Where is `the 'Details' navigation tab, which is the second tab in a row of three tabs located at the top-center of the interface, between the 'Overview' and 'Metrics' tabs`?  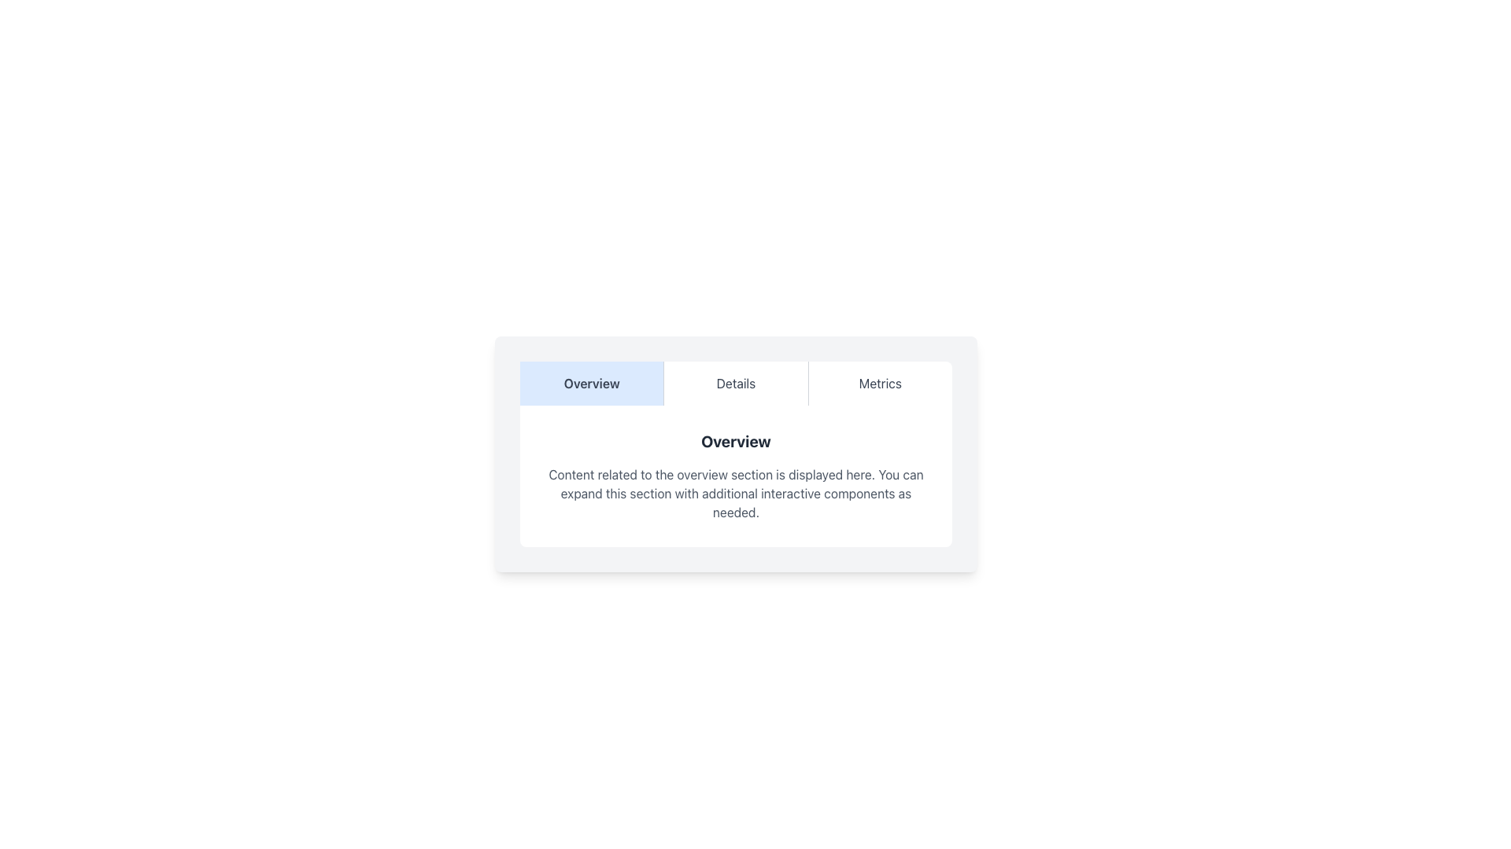 the 'Details' navigation tab, which is the second tab in a row of three tabs located at the top-center of the interface, between the 'Overview' and 'Metrics' tabs is located at coordinates (735, 384).